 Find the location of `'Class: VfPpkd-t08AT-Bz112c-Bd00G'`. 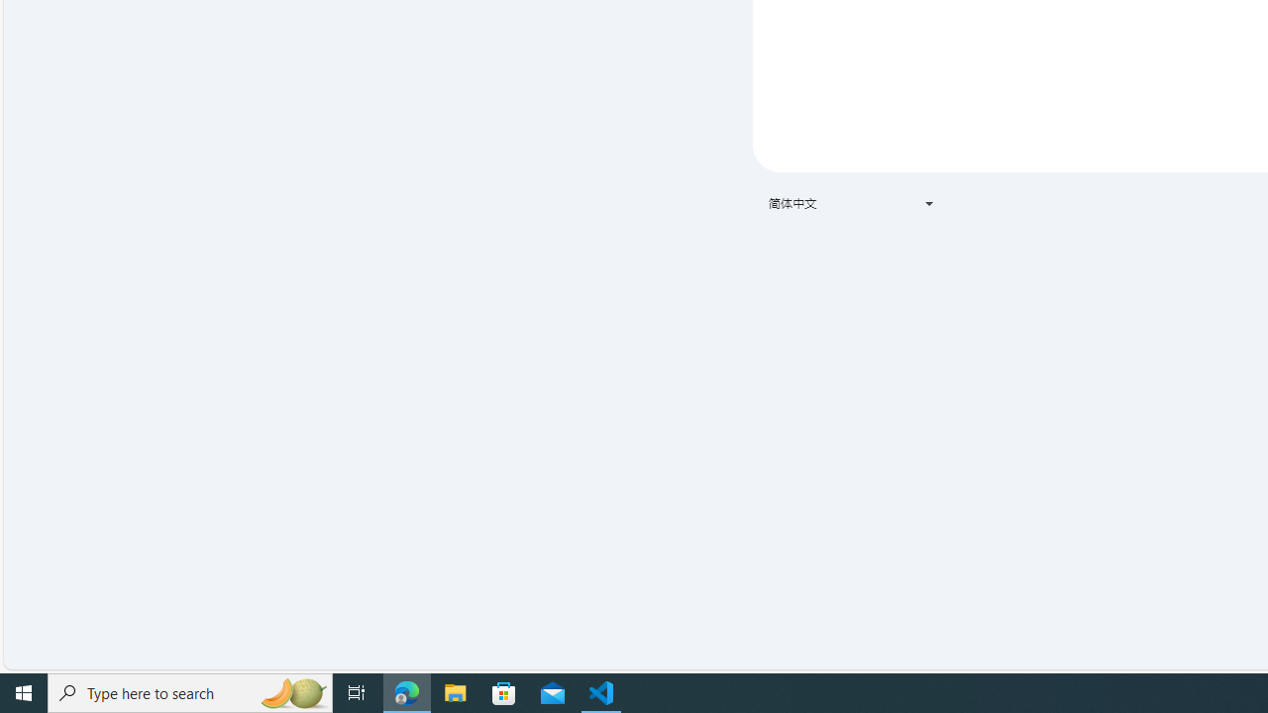

'Class: VfPpkd-t08AT-Bz112c-Bd00G' is located at coordinates (928, 203).